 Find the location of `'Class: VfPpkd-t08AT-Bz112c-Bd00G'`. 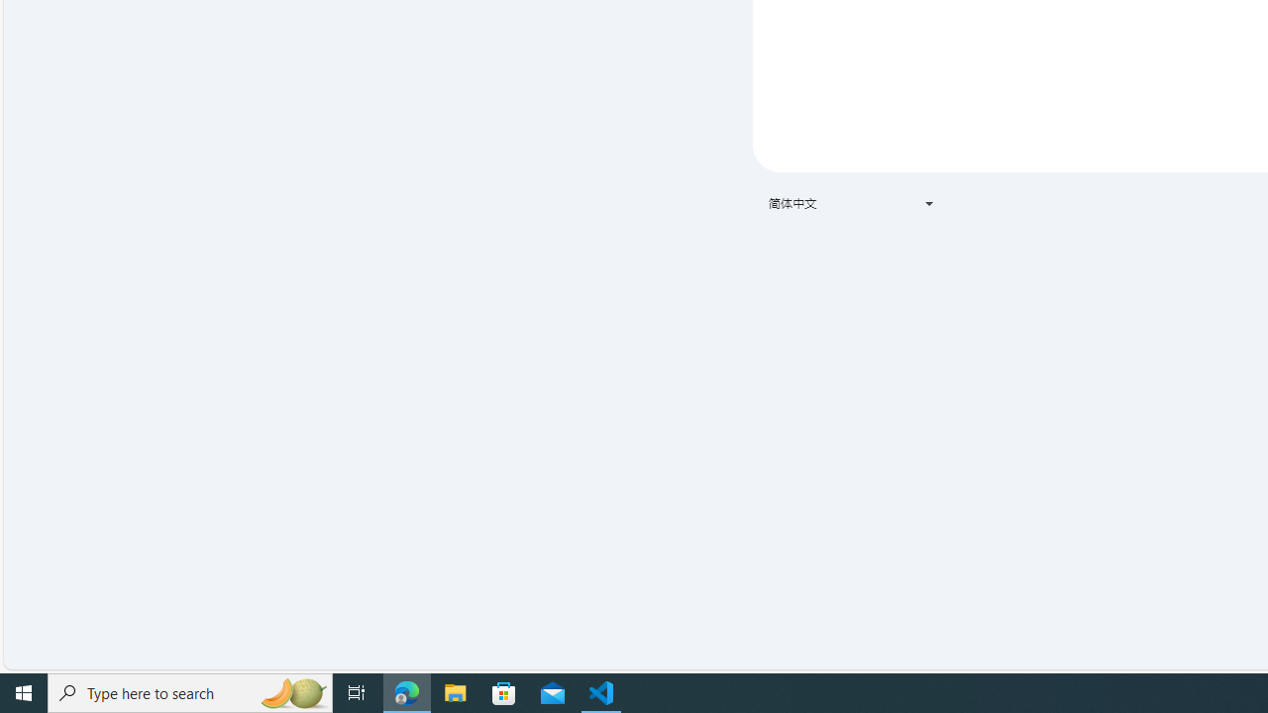

'Class: VfPpkd-t08AT-Bz112c-Bd00G' is located at coordinates (928, 203).